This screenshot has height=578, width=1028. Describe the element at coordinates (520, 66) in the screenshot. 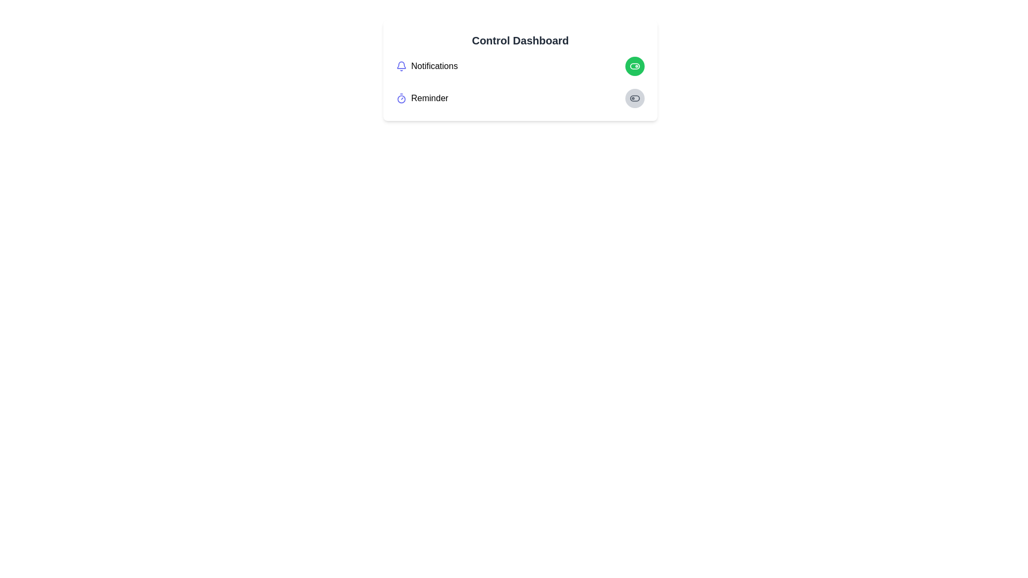

I see `the green toggle button in the Notifications row to change its state` at that location.